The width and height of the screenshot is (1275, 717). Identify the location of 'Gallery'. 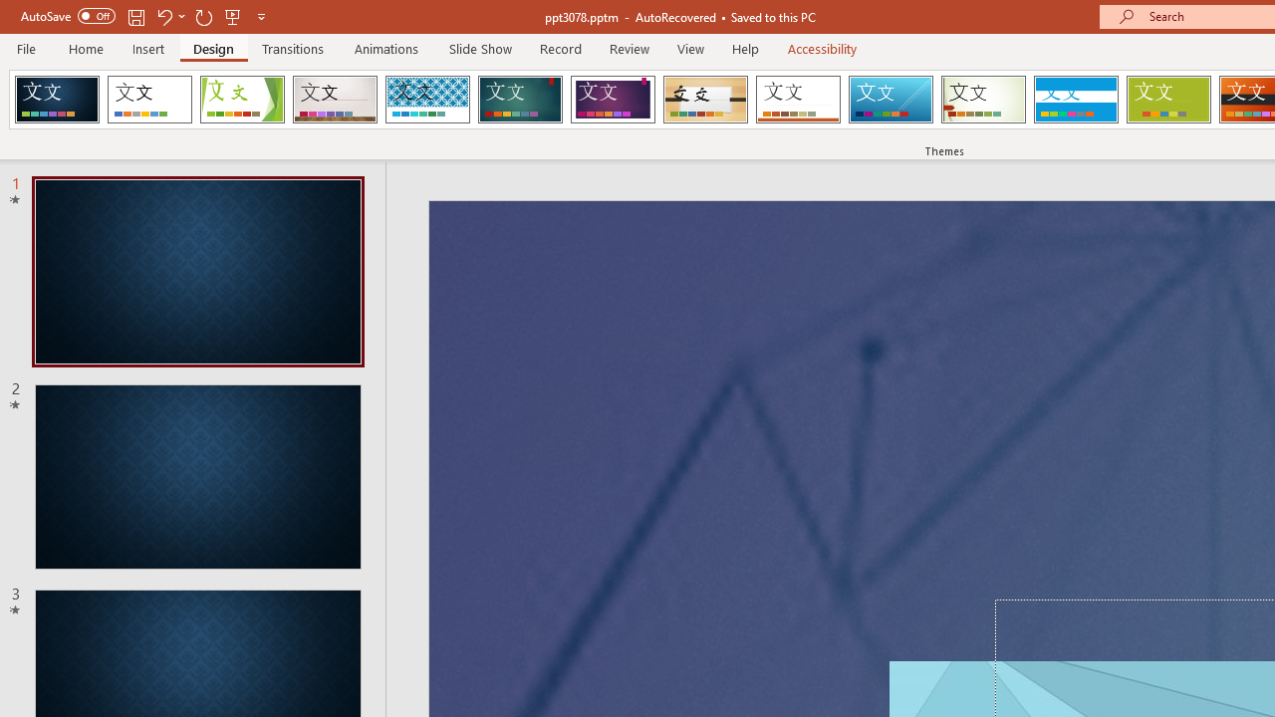
(335, 100).